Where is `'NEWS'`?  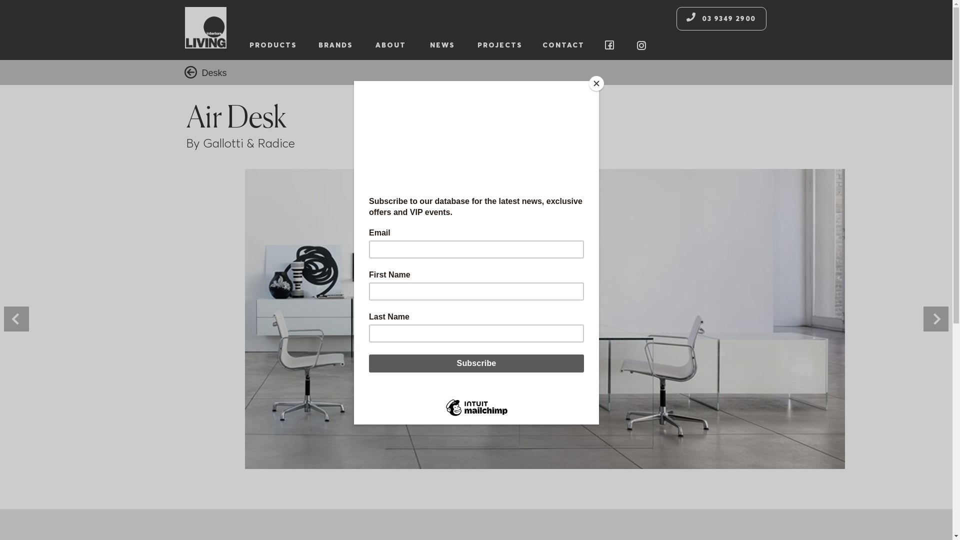 'NEWS' is located at coordinates (441, 45).